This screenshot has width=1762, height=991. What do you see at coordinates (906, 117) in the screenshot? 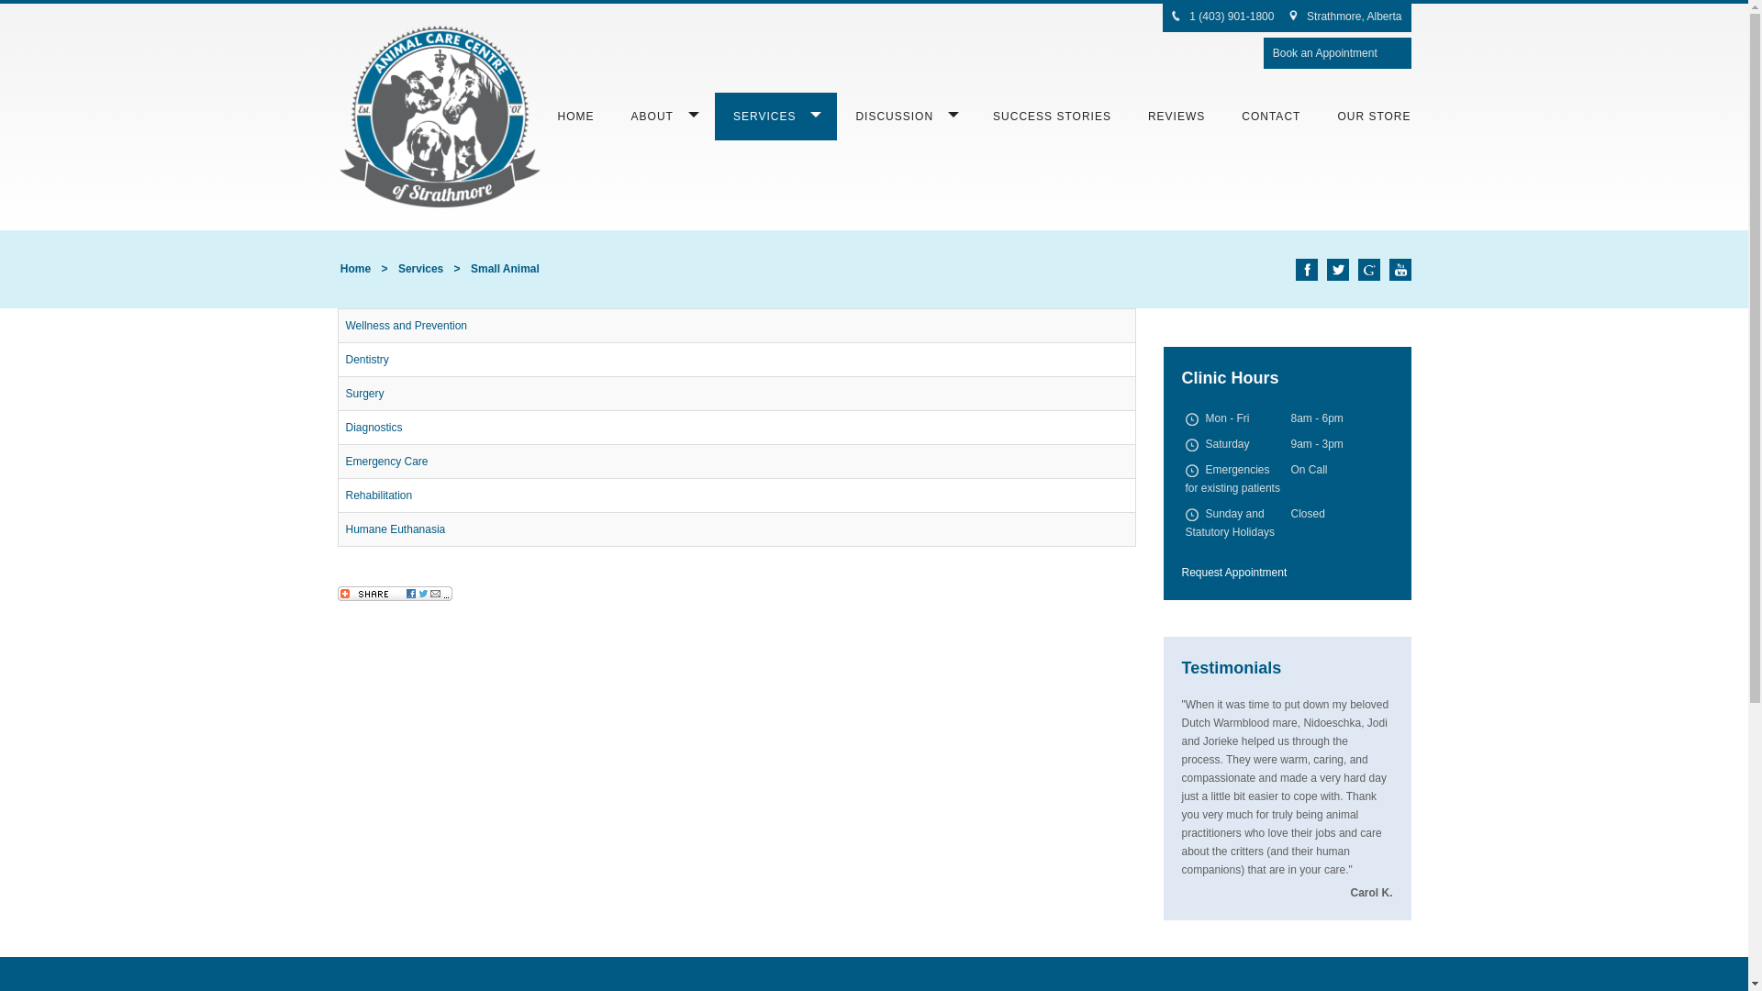
I see `'DISCUSSION'` at bounding box center [906, 117].